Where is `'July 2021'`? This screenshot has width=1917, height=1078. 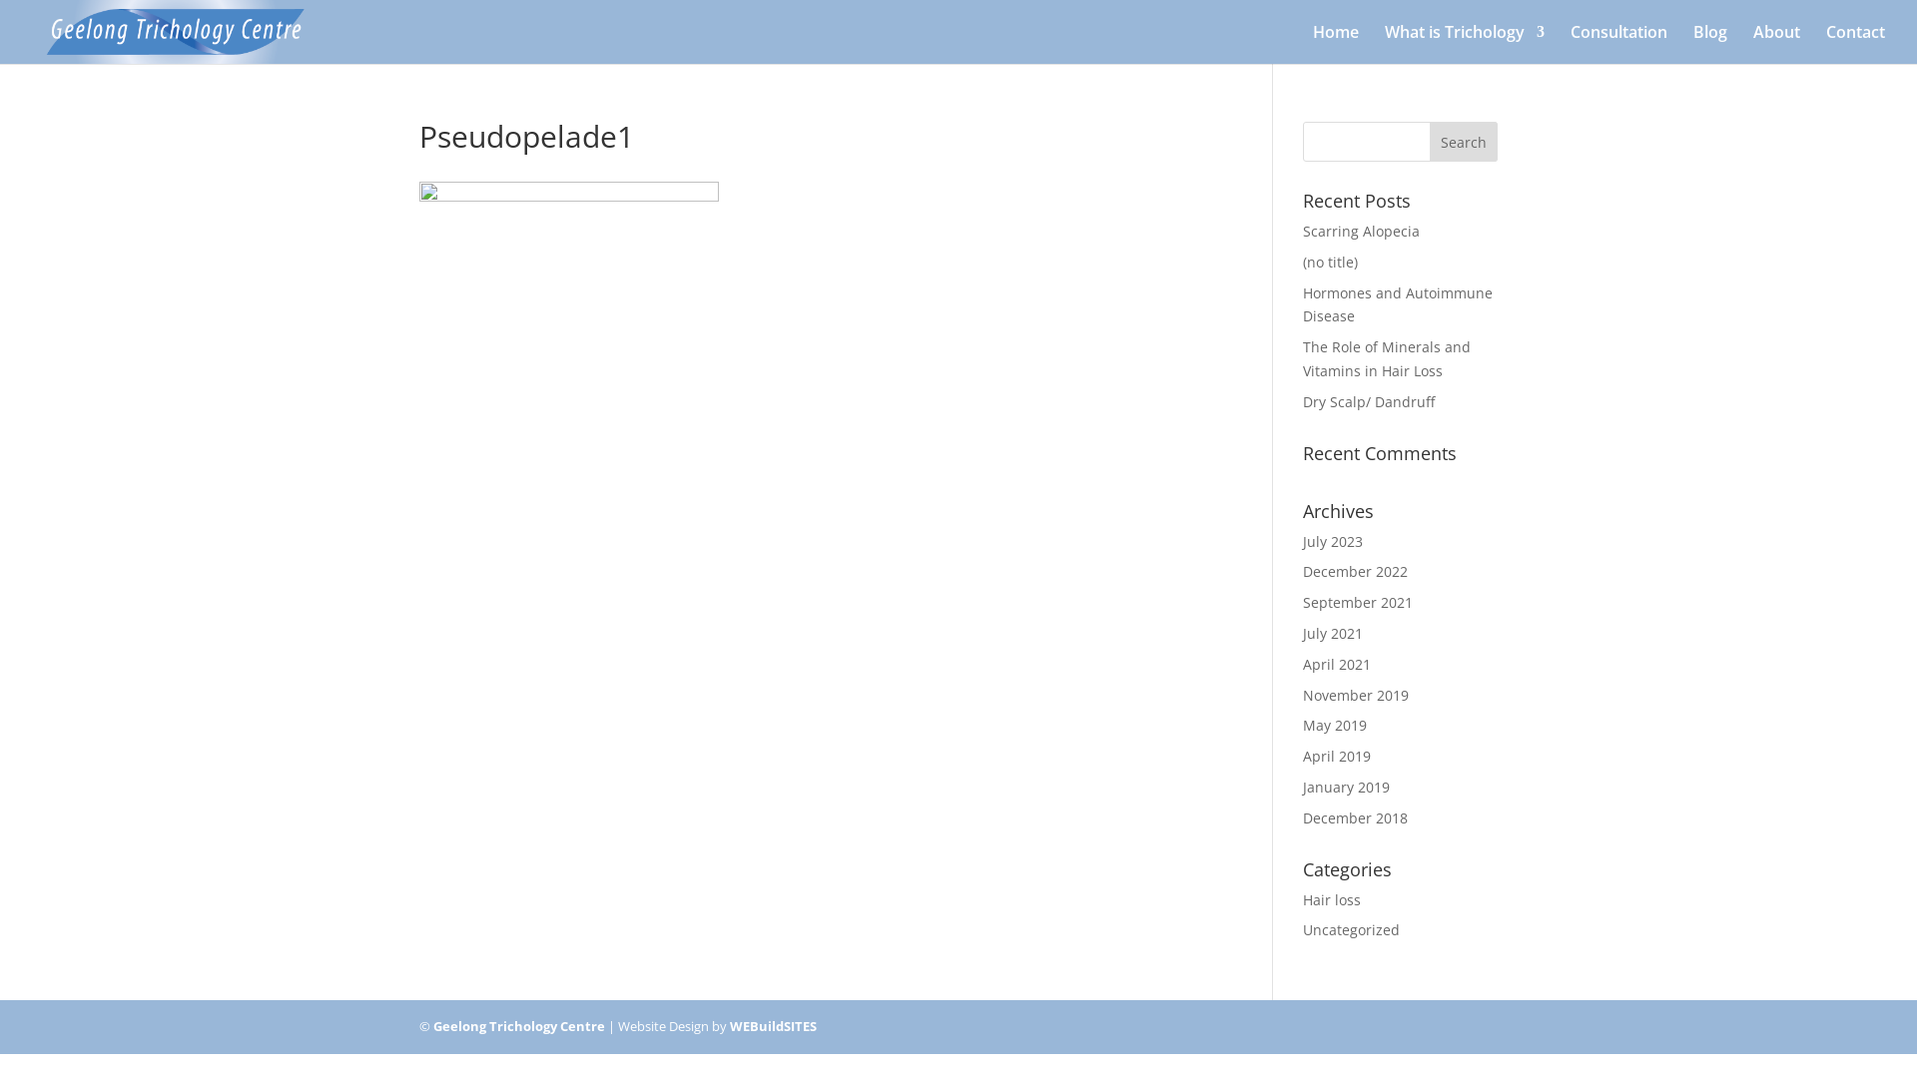
'July 2021' is located at coordinates (1332, 633).